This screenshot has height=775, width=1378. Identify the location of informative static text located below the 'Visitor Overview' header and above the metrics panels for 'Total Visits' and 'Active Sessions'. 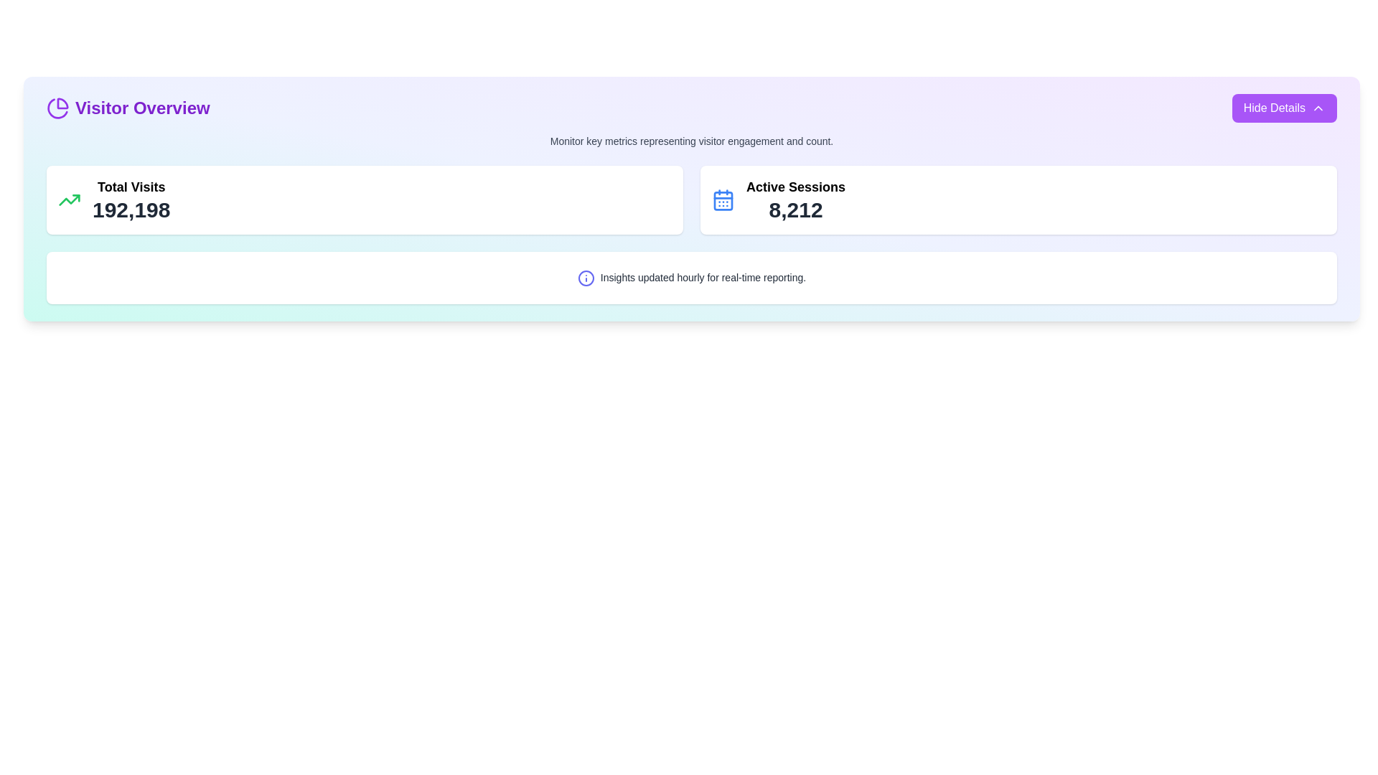
(692, 136).